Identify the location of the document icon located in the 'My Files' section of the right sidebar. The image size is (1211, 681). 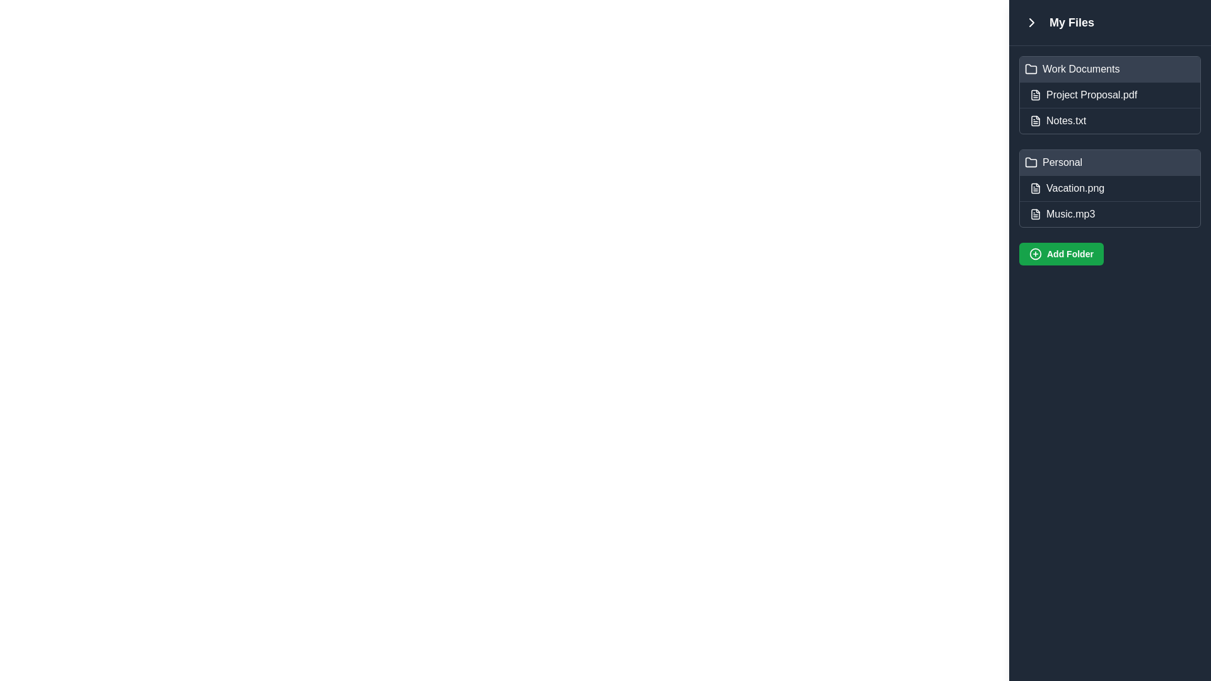
(1035, 94).